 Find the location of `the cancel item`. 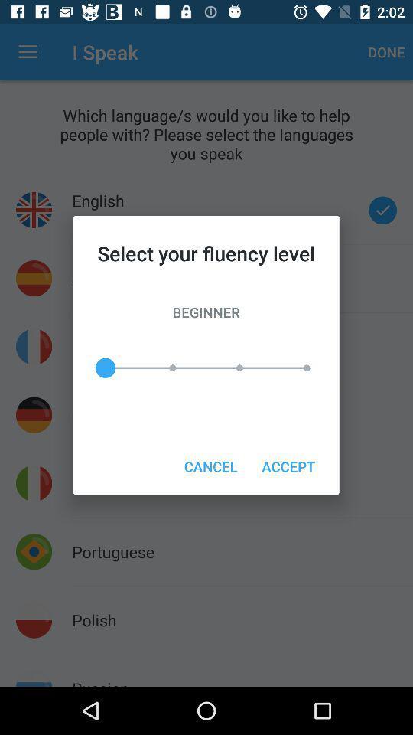

the cancel item is located at coordinates (210, 465).